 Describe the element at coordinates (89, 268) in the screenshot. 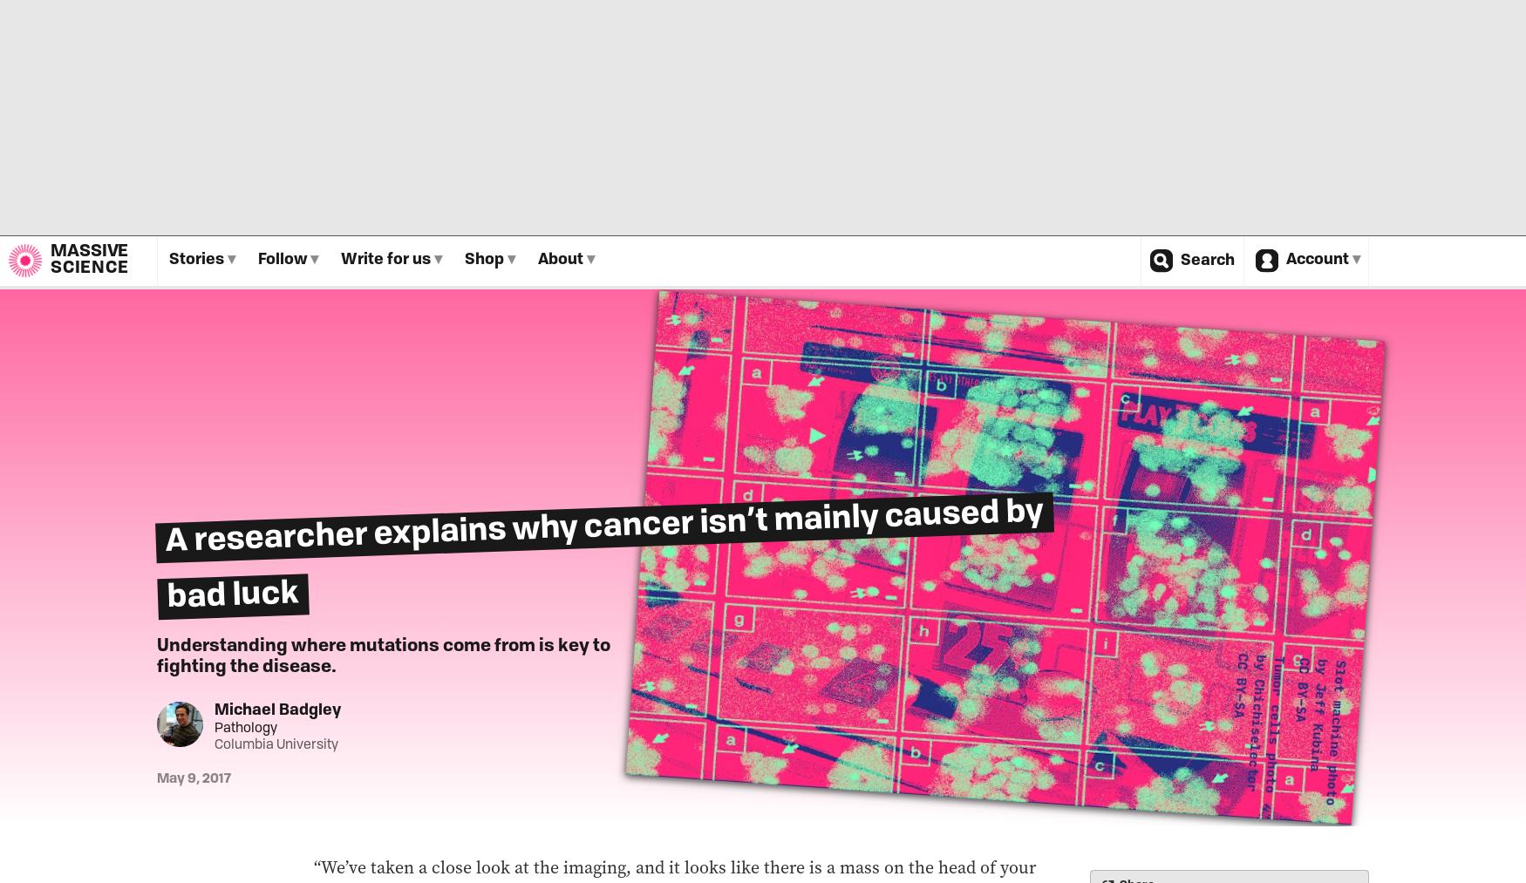

I see `'Science'` at that location.